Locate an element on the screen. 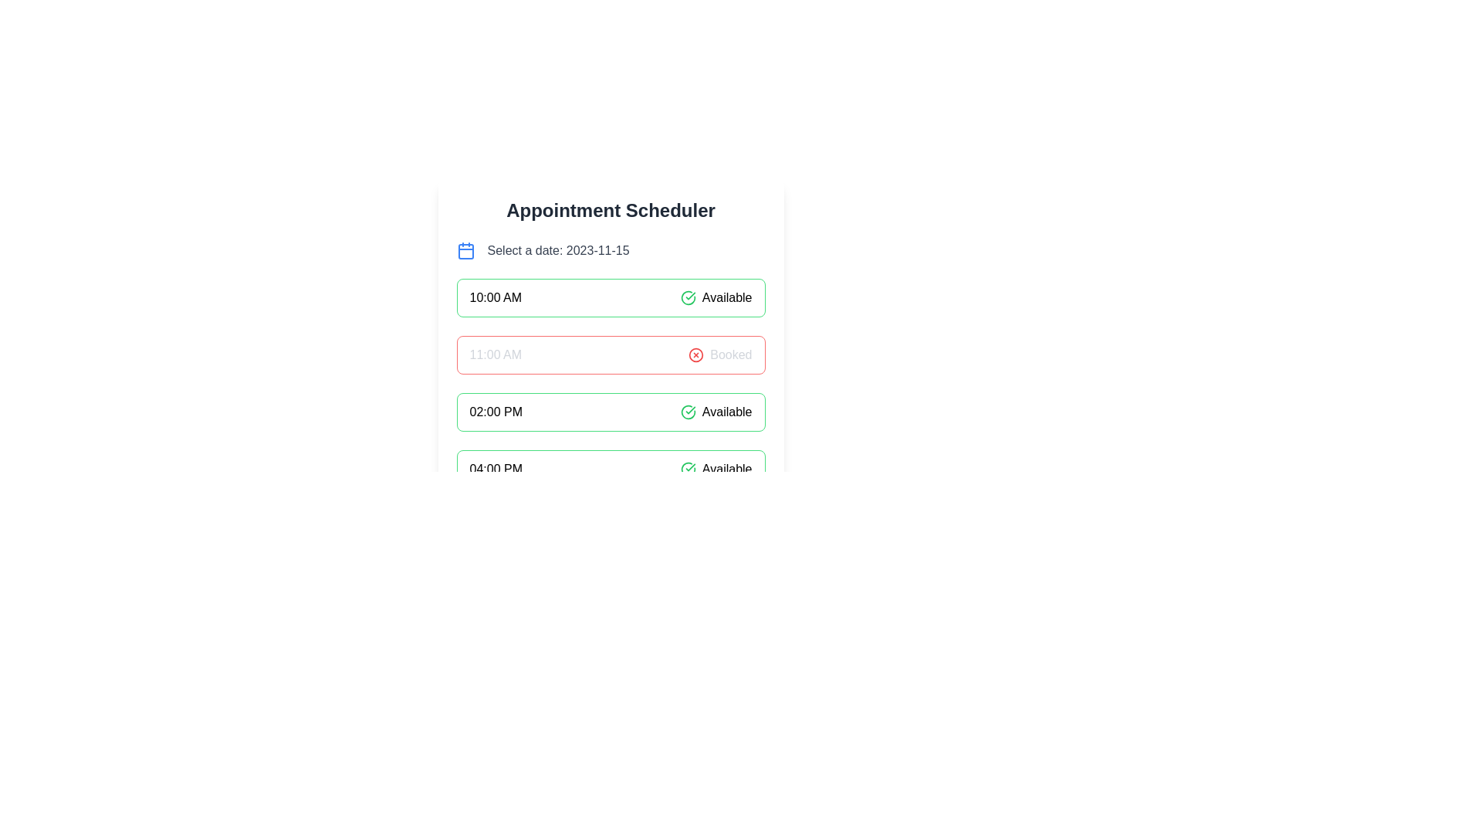 This screenshot has width=1482, height=834. the label 'Select a date:' with the calendar icon is located at coordinates (610, 249).